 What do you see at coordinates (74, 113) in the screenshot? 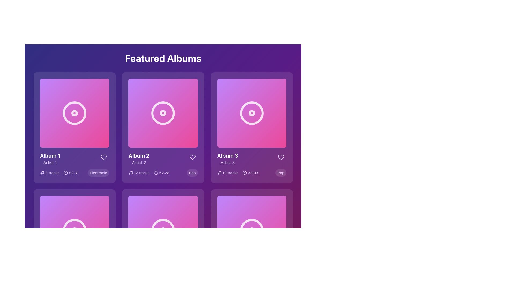
I see `the small disc-shaped icon, which is centrally located within the larger circular frame of the first album card titled 'Album 1'` at bounding box center [74, 113].